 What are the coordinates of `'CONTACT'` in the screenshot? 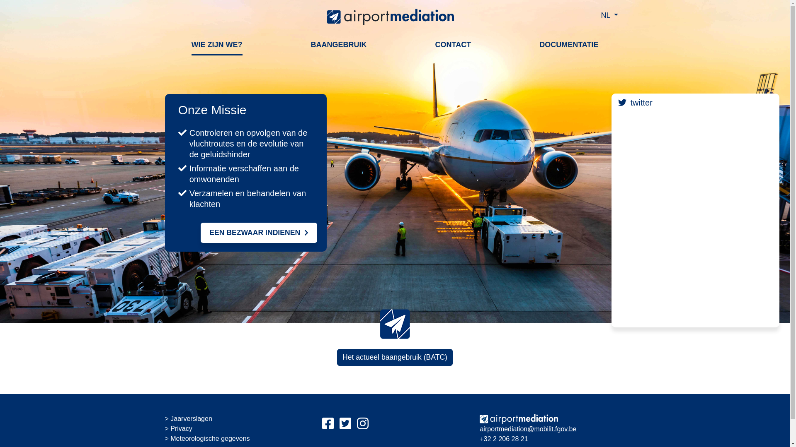 It's located at (435, 45).